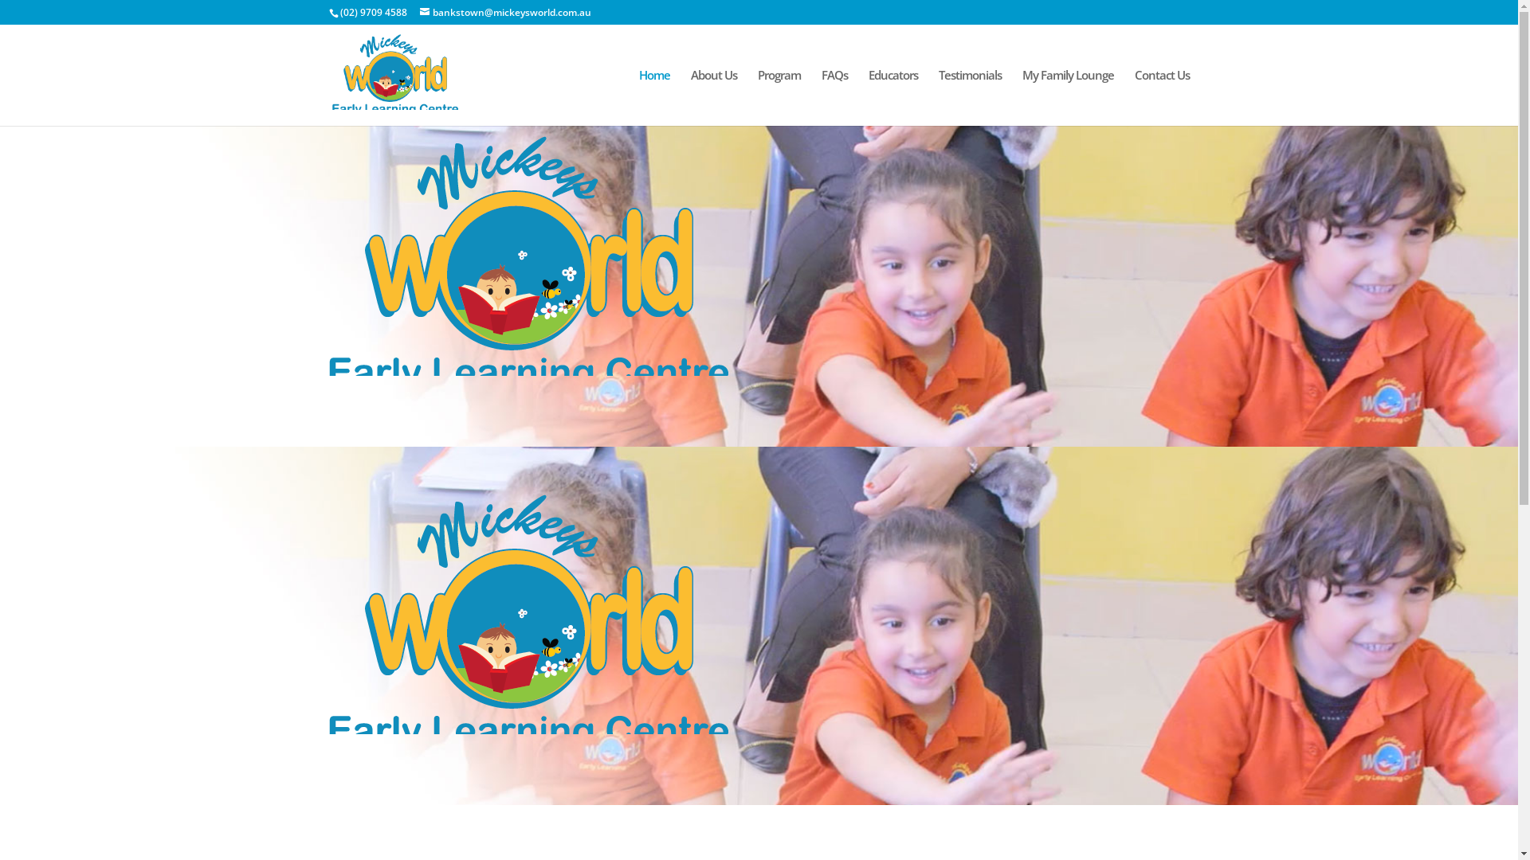 The height and width of the screenshot is (860, 1530). What do you see at coordinates (969, 97) in the screenshot?
I see `'Testimonials'` at bounding box center [969, 97].